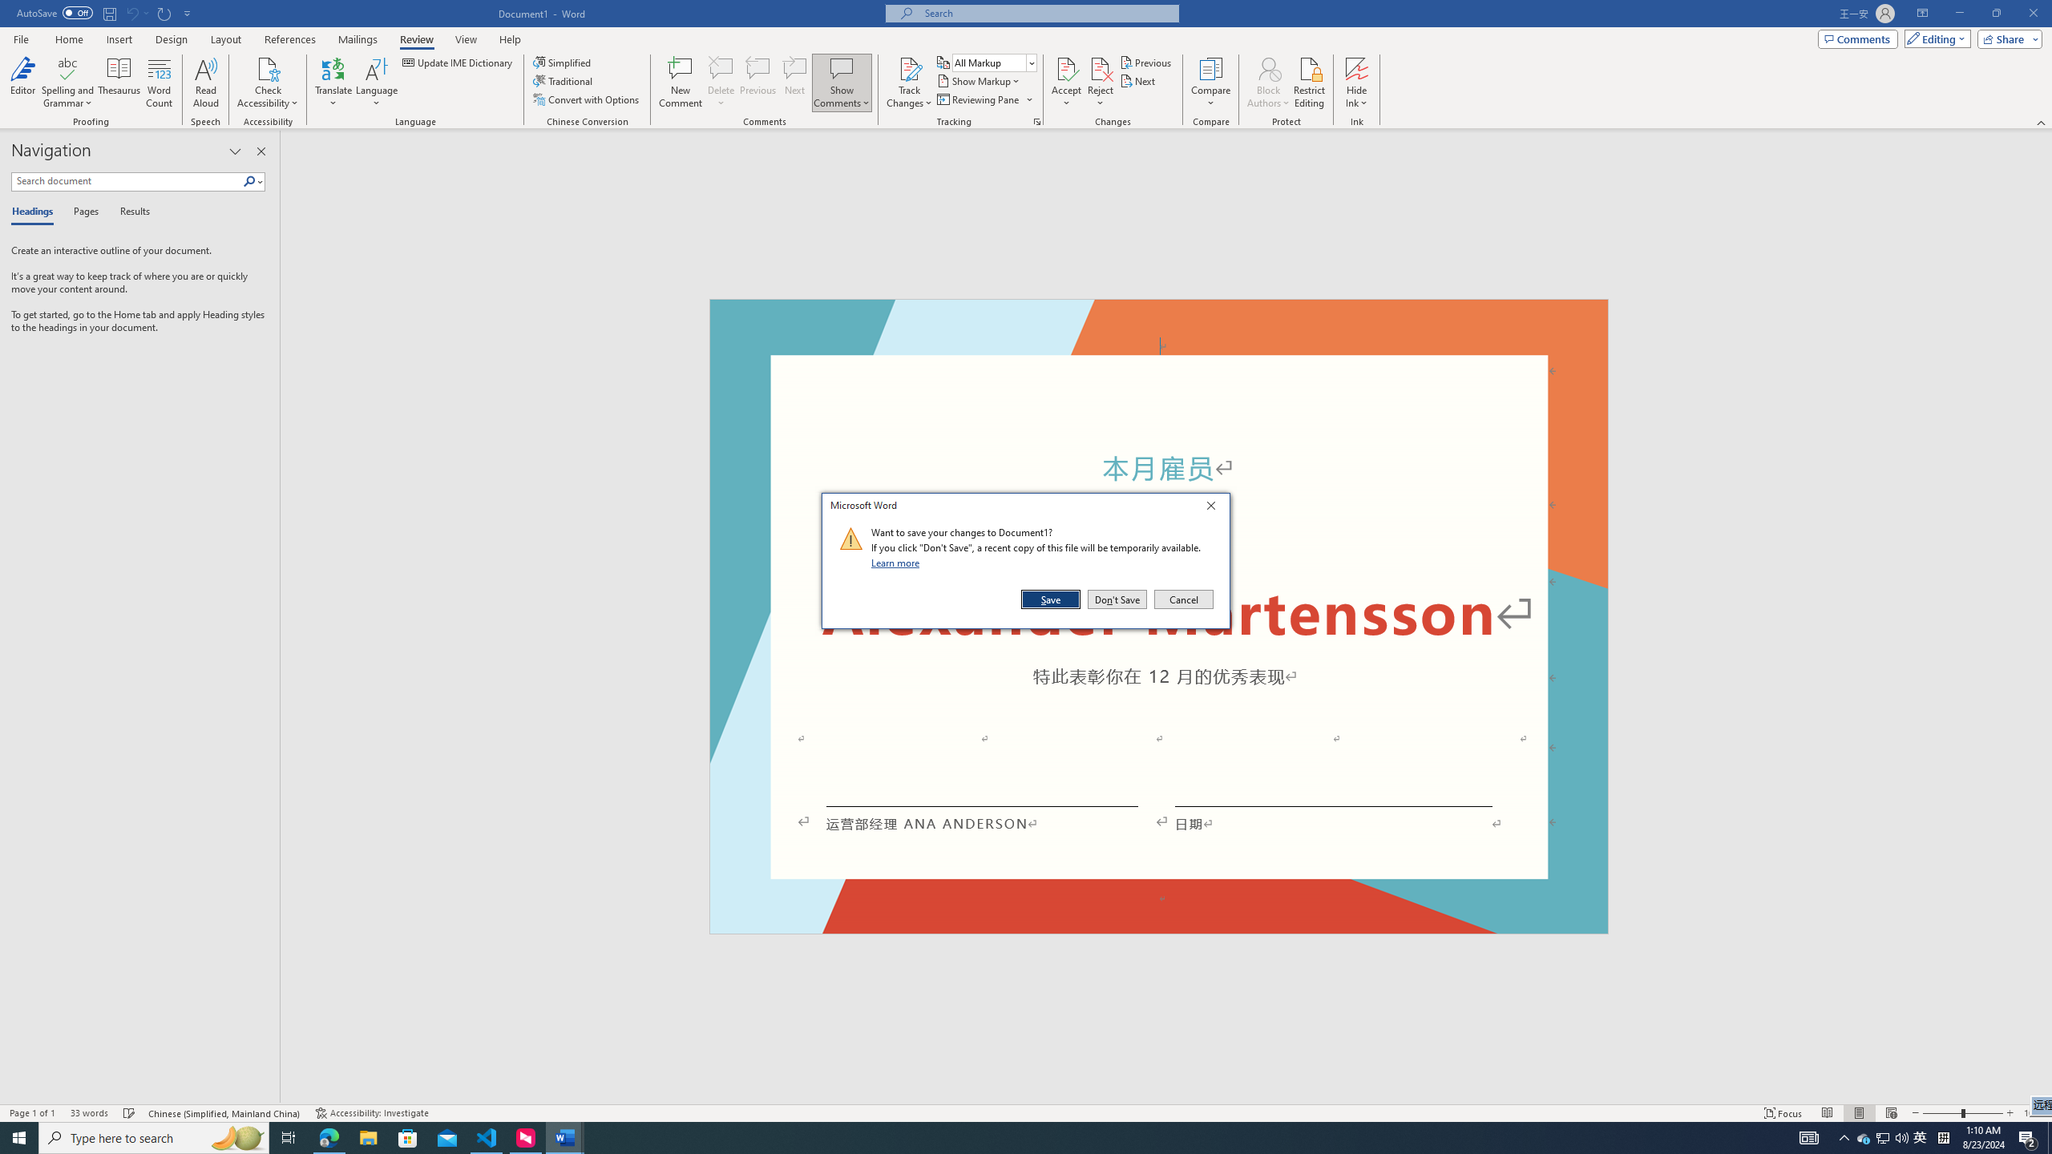  I want to click on 'Change Tracking Options...', so click(1036, 120).